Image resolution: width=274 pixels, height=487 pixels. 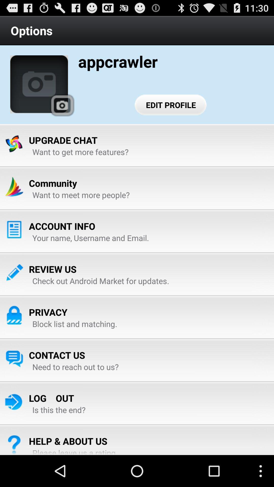 What do you see at coordinates (171, 105) in the screenshot?
I see `the item below appcrawler app` at bounding box center [171, 105].